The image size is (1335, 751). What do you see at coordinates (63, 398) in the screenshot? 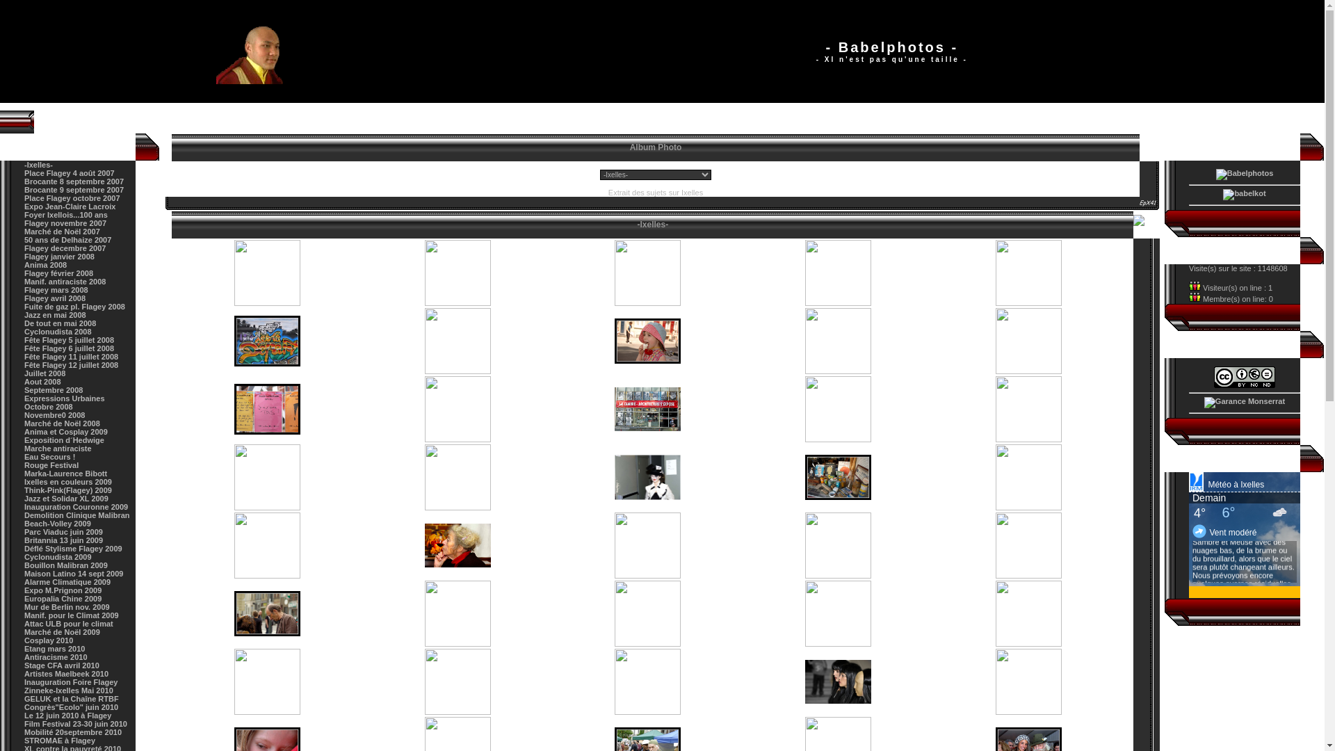
I see `'Expressions Urbaines'` at bounding box center [63, 398].